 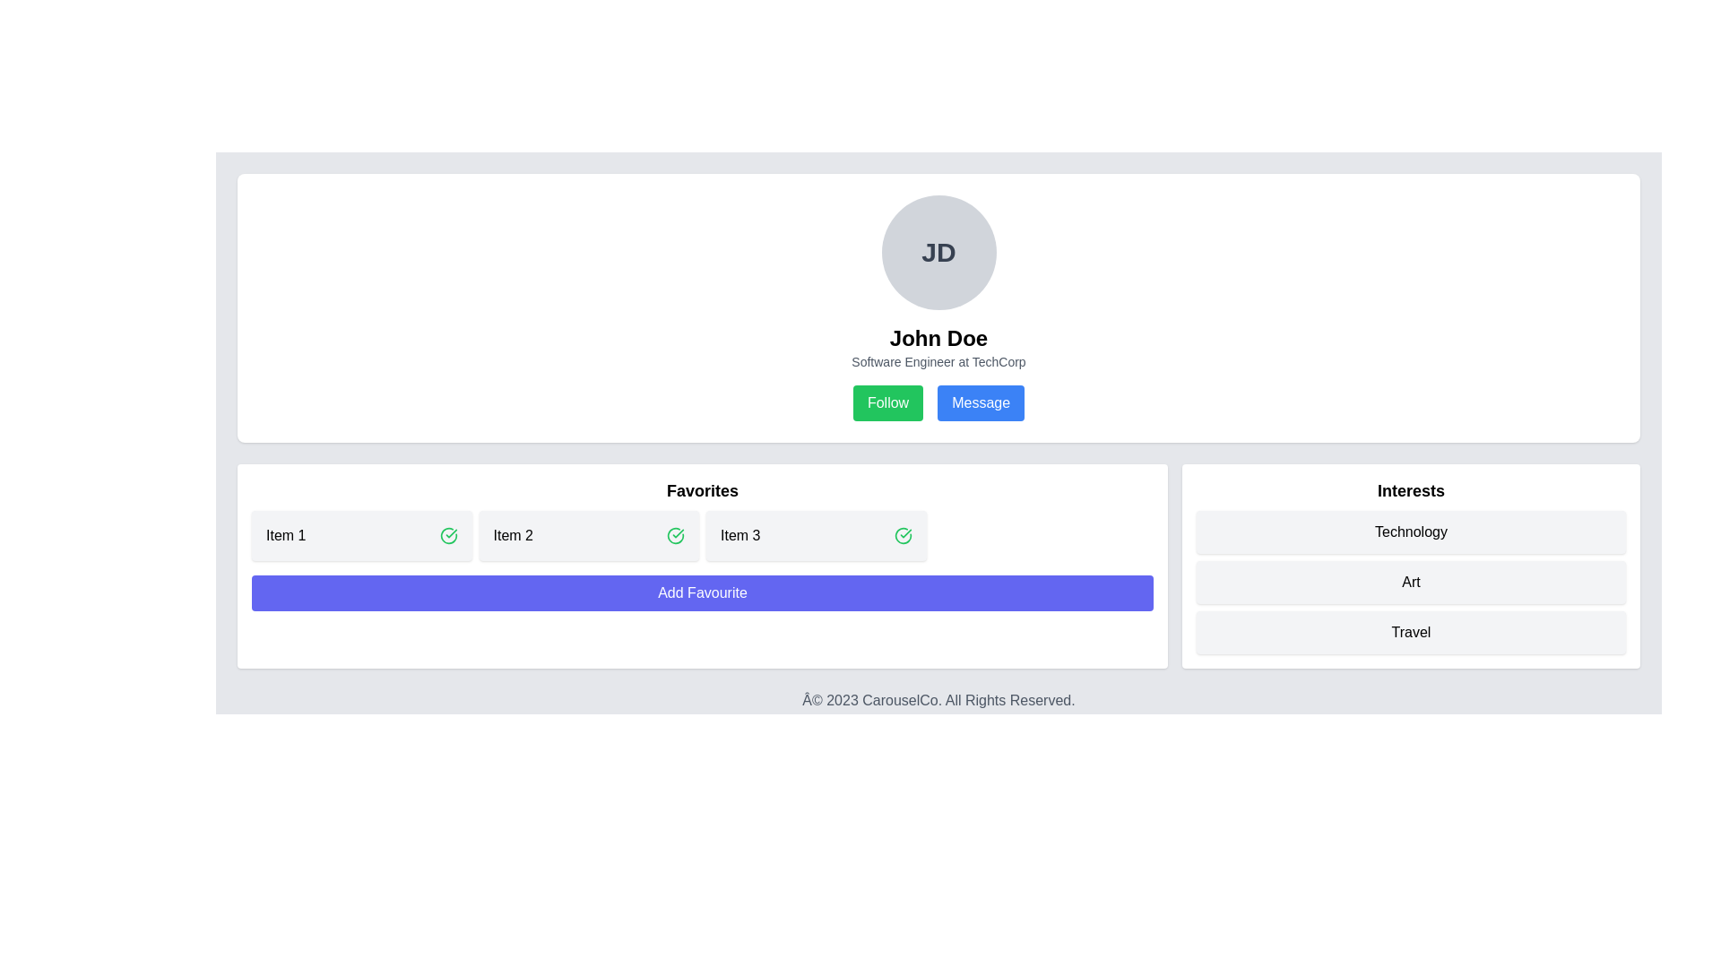 I want to click on the rectangular button with a blue background and white text labeled 'Message', so click(x=980, y=403).